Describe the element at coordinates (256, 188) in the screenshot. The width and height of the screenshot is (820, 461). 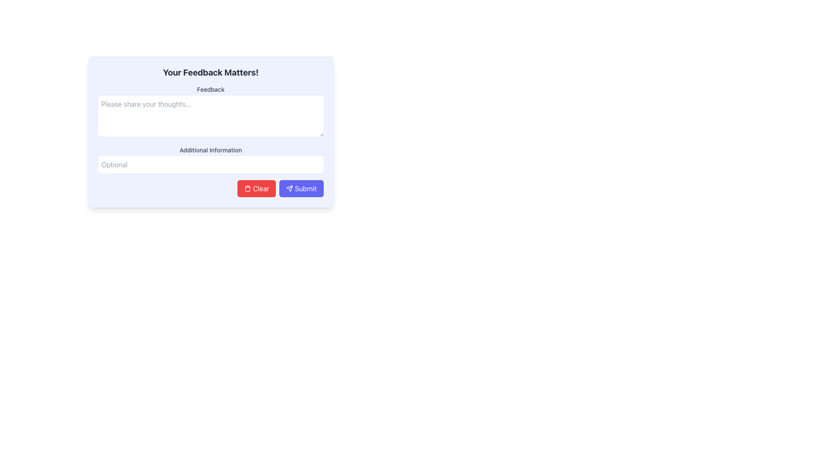
I see `the clear button located to the left of the 'Submit' button in the feedback form interface to observe the hover effect` at that location.